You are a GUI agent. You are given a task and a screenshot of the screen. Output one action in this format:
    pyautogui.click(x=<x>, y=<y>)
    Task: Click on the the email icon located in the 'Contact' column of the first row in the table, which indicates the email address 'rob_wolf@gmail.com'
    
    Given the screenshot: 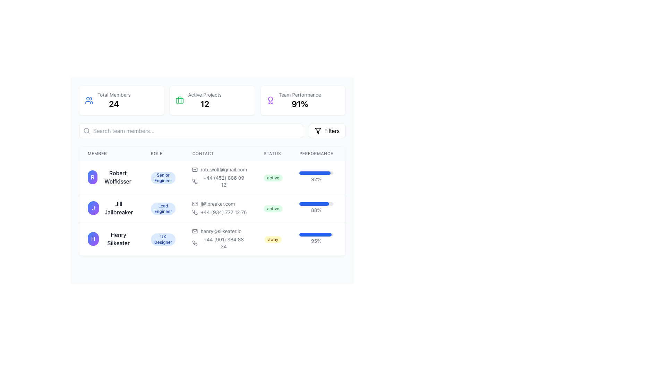 What is the action you would take?
    pyautogui.click(x=195, y=169)
    